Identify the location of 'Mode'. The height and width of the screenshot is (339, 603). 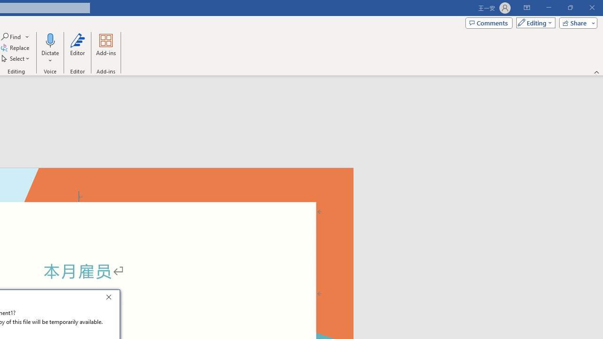
(534, 22).